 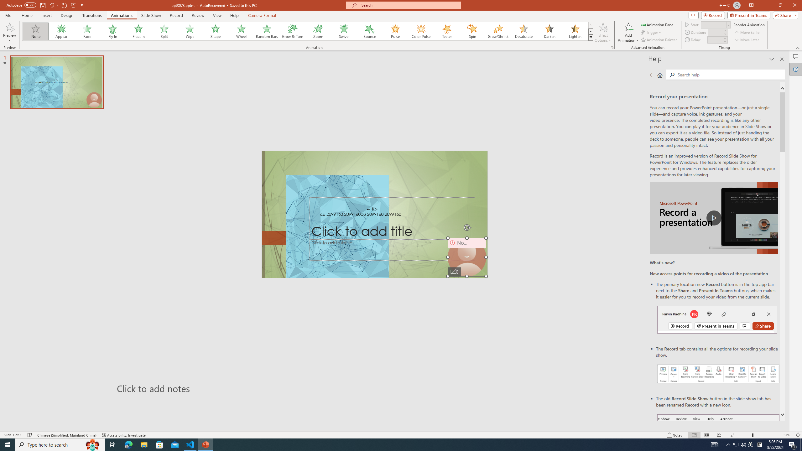 I want to click on 'Subtitle TextBox', so click(x=392, y=250).